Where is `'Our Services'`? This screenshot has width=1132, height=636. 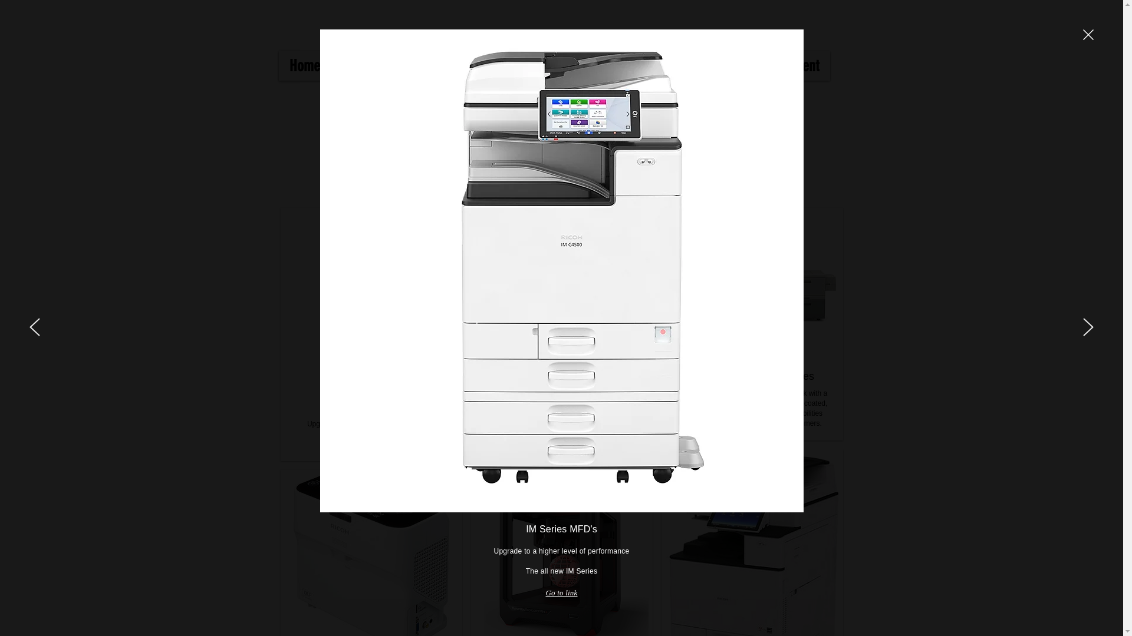
'Our Services' is located at coordinates (472, 65).